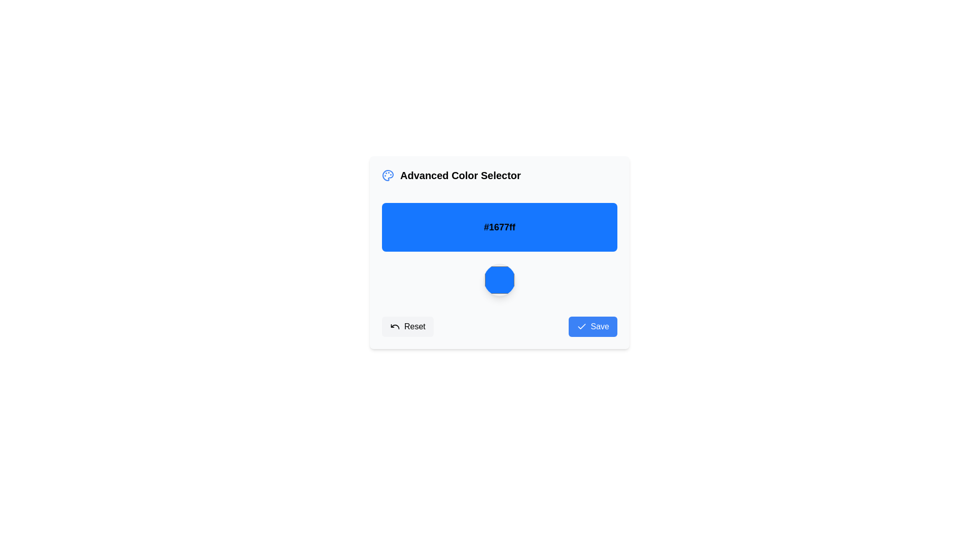  What do you see at coordinates (499, 280) in the screenshot?
I see `the interactive color input field, which allows users` at bounding box center [499, 280].